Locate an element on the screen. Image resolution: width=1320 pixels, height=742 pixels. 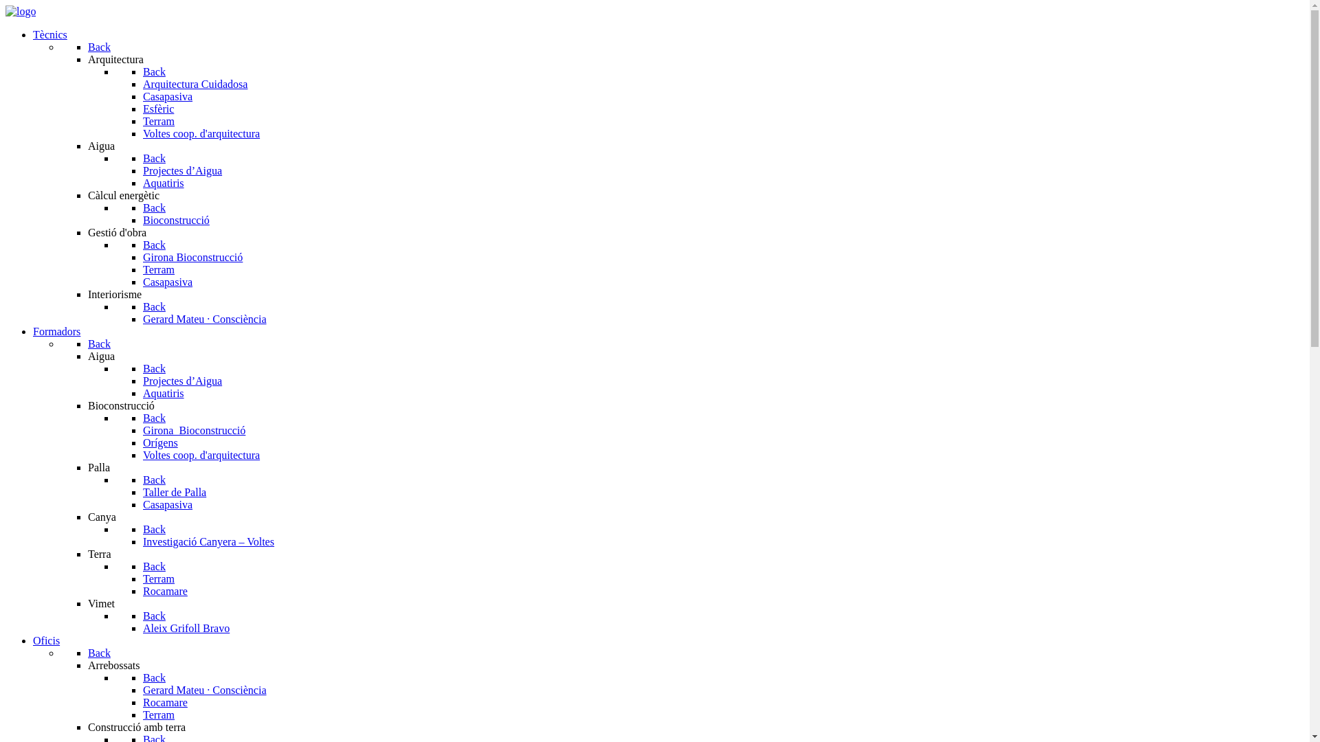
'Aquatiris' is located at coordinates (142, 182).